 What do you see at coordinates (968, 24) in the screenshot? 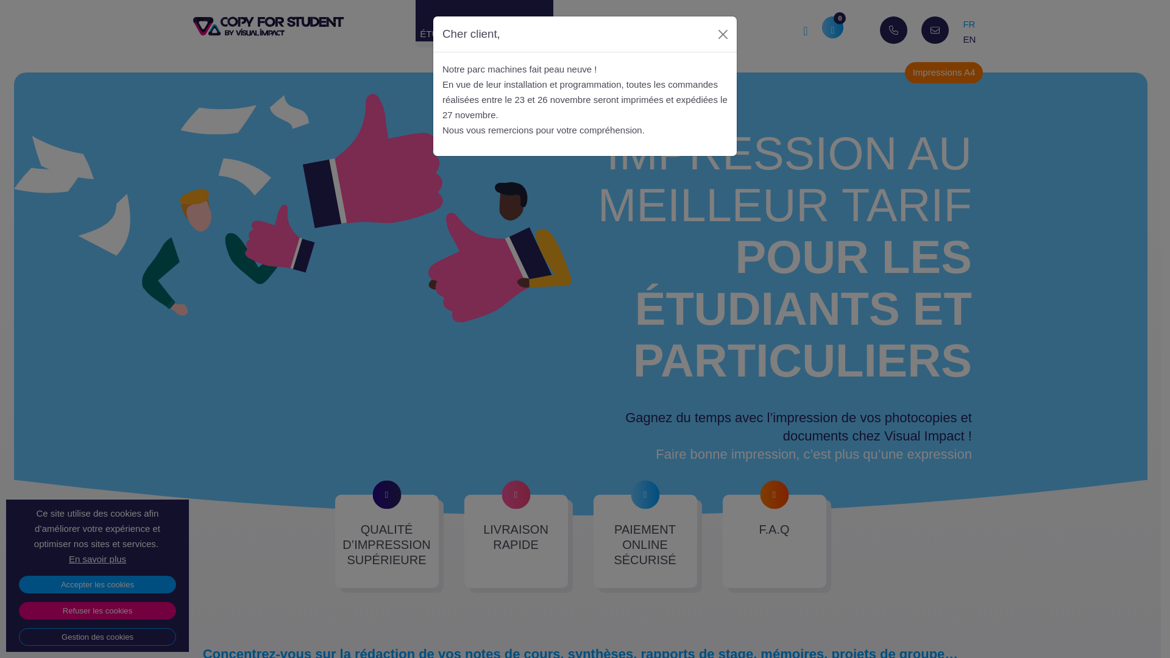
I see `'FR'` at bounding box center [968, 24].